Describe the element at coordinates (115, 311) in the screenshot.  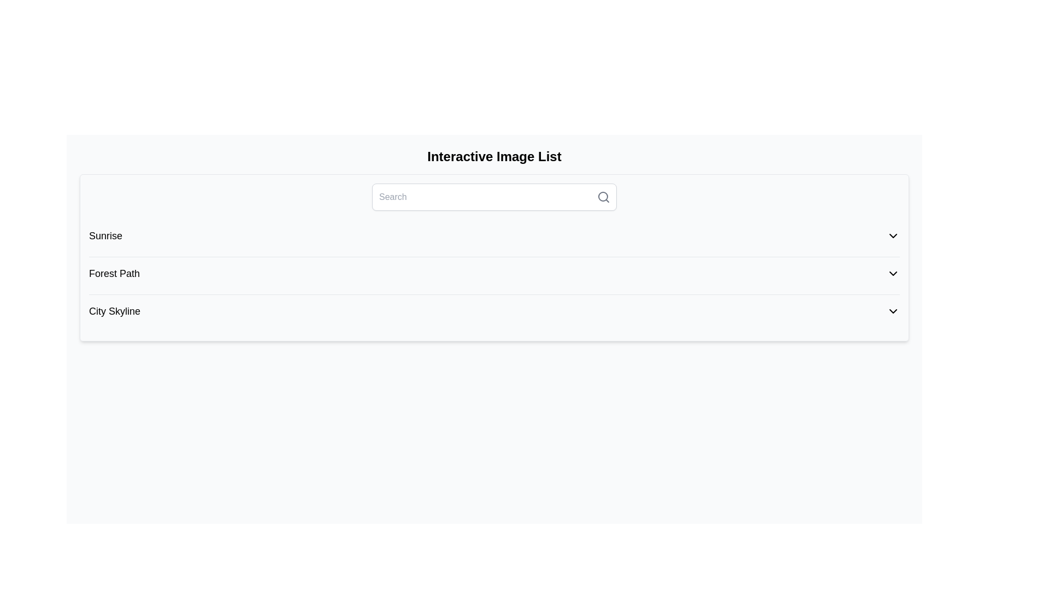
I see `text label displaying 'City Skyline', which is a medium font size in bold black on a white background, located within the third item of a vertically stacked list` at that location.